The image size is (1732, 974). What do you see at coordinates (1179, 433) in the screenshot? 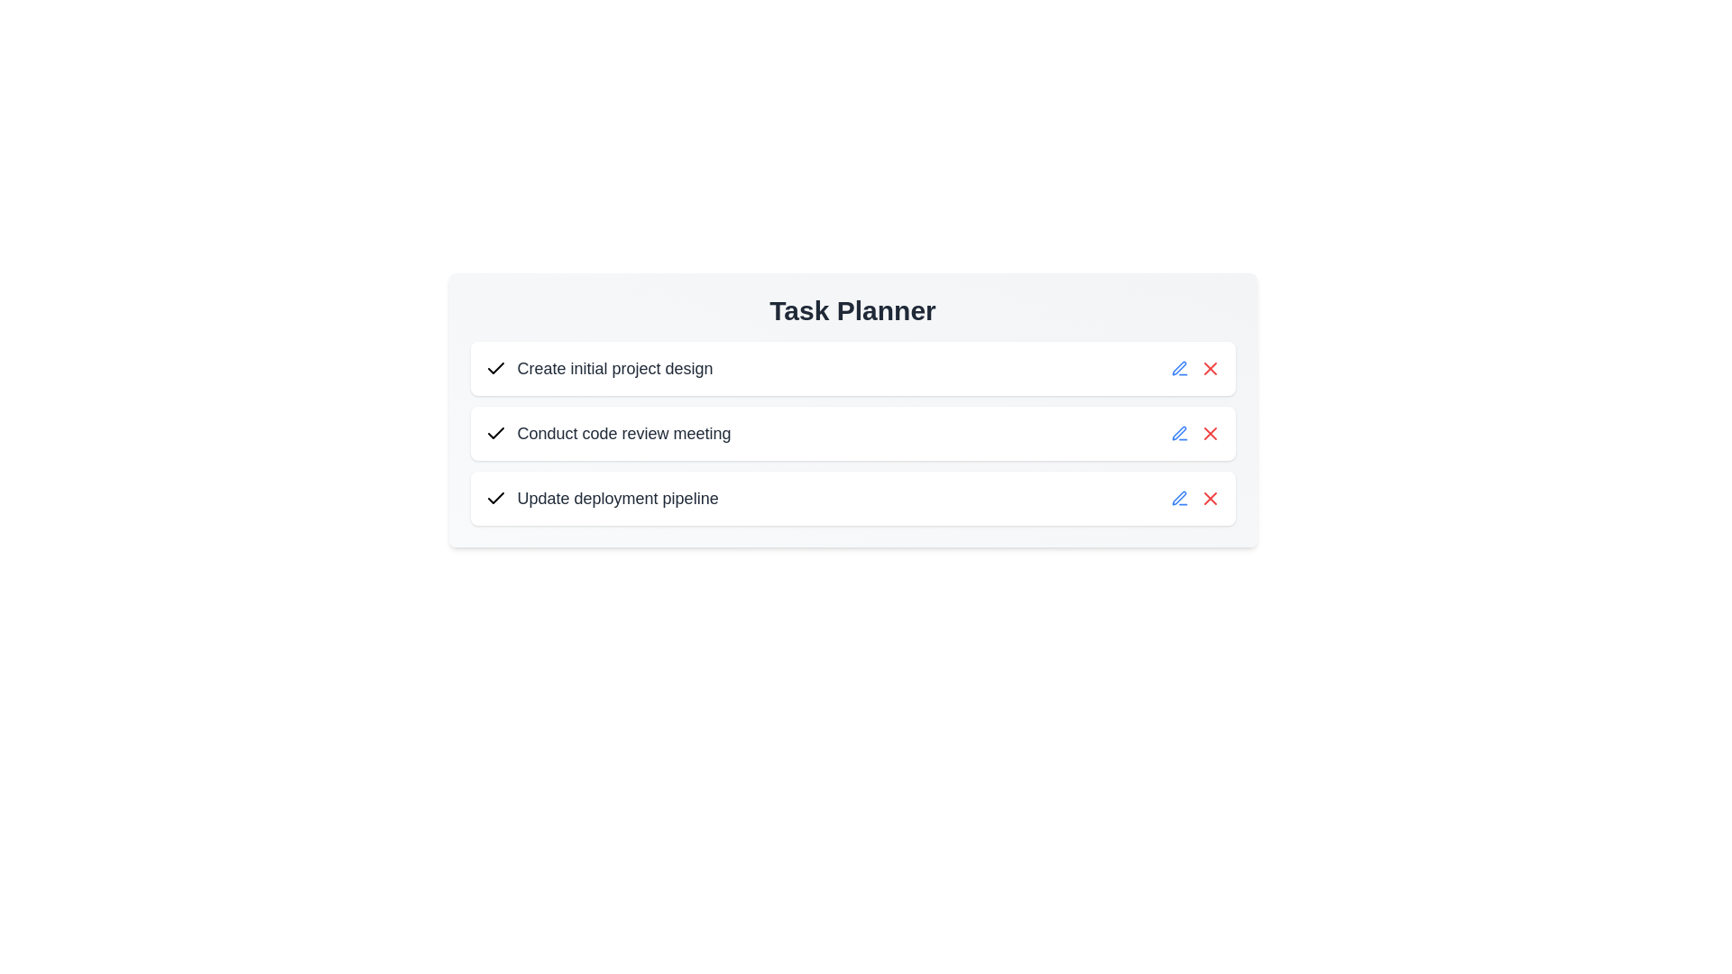
I see `the pen icon button in the second row of task items, next to 'Conduct code review meeting'` at bounding box center [1179, 433].